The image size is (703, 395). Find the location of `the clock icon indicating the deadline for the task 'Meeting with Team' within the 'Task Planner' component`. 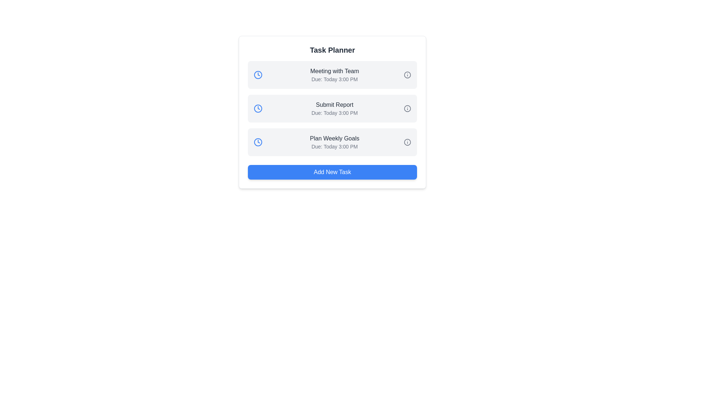

the clock icon indicating the deadline for the task 'Meeting with Team' within the 'Task Planner' component is located at coordinates (258, 75).